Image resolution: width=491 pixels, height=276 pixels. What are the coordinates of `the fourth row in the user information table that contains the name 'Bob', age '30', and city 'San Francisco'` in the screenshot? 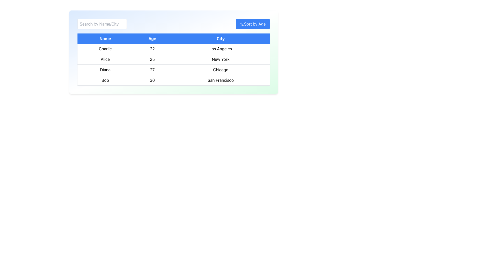 It's located at (173, 80).